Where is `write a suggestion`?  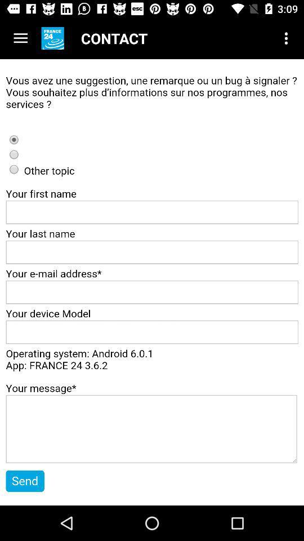 write a suggestion is located at coordinates (152, 282).